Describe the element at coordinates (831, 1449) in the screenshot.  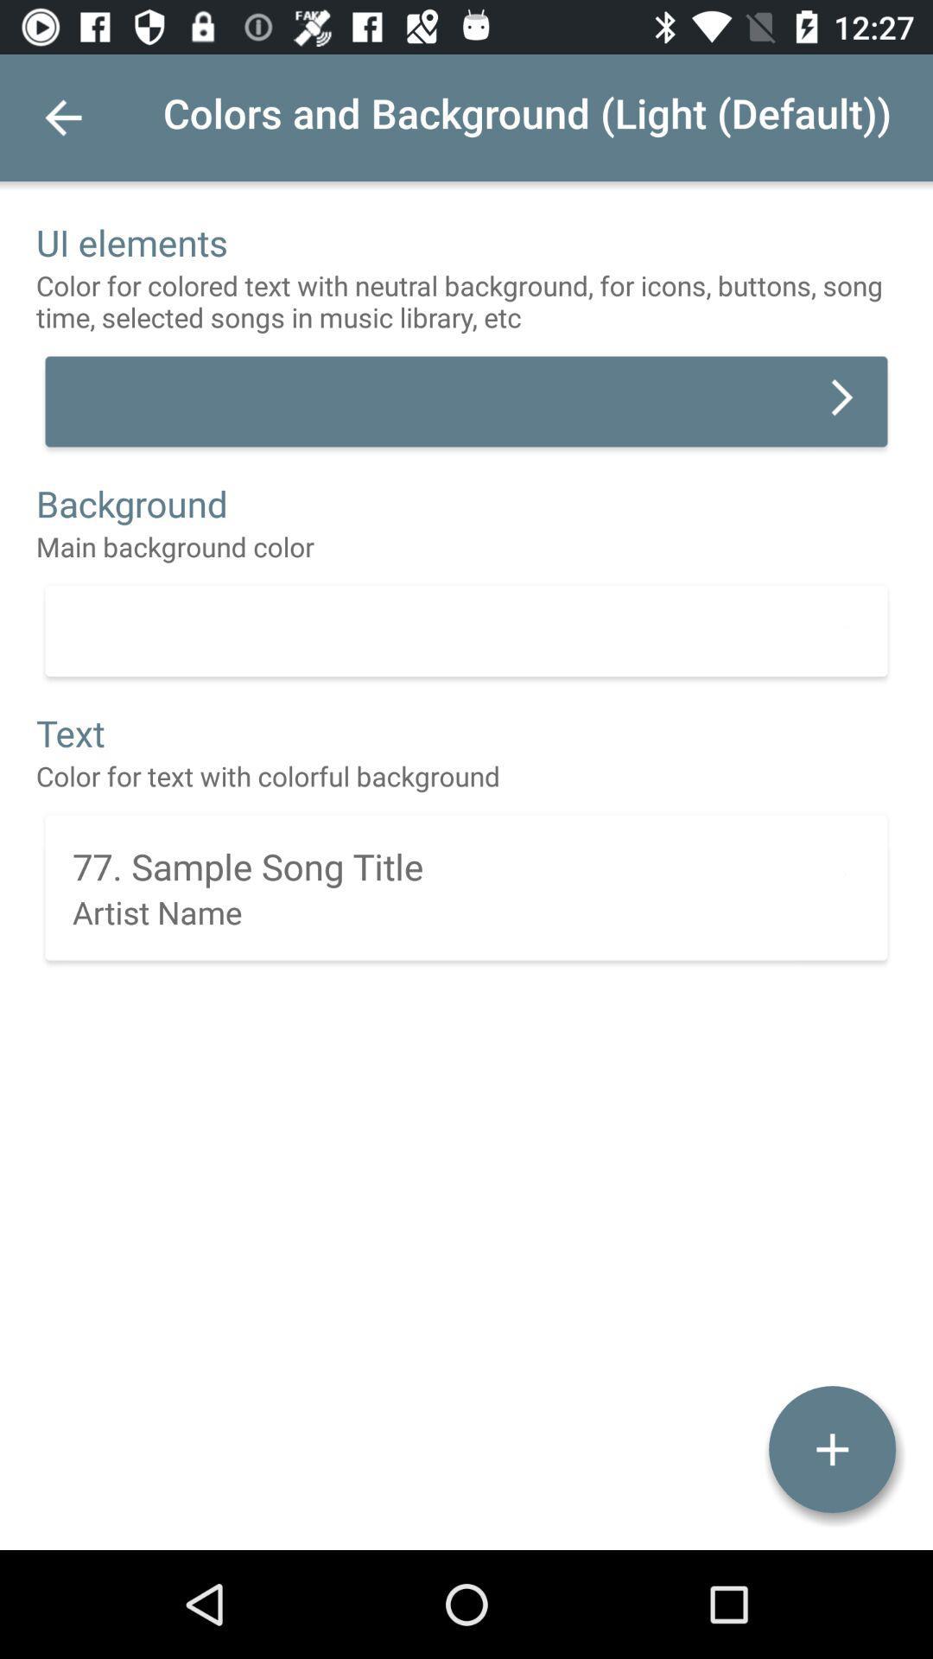
I see `the add icon` at that location.